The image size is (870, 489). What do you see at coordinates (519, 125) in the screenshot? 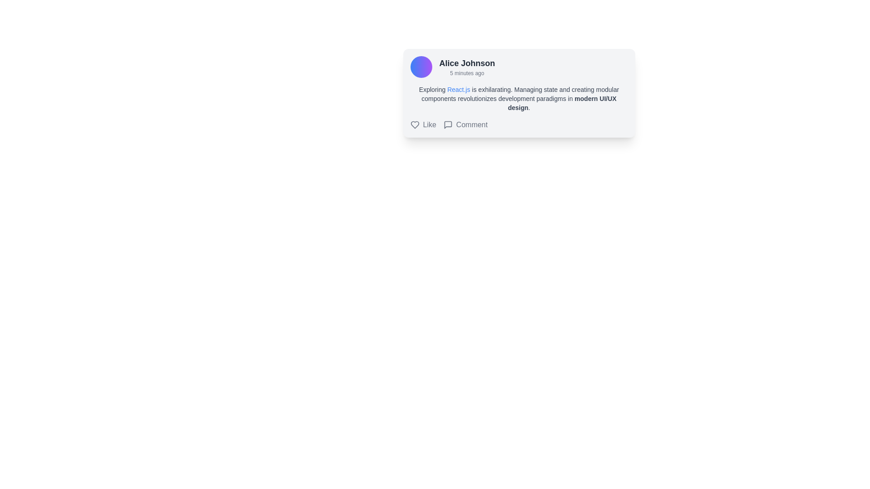
I see `the interactive group containing actionable items at the bottom of the user post card to trigger a visual effect on the icons` at bounding box center [519, 125].